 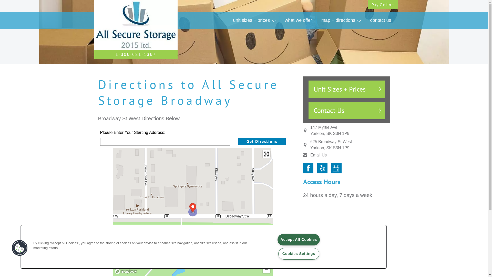 I want to click on 'map + directions', so click(x=341, y=20).